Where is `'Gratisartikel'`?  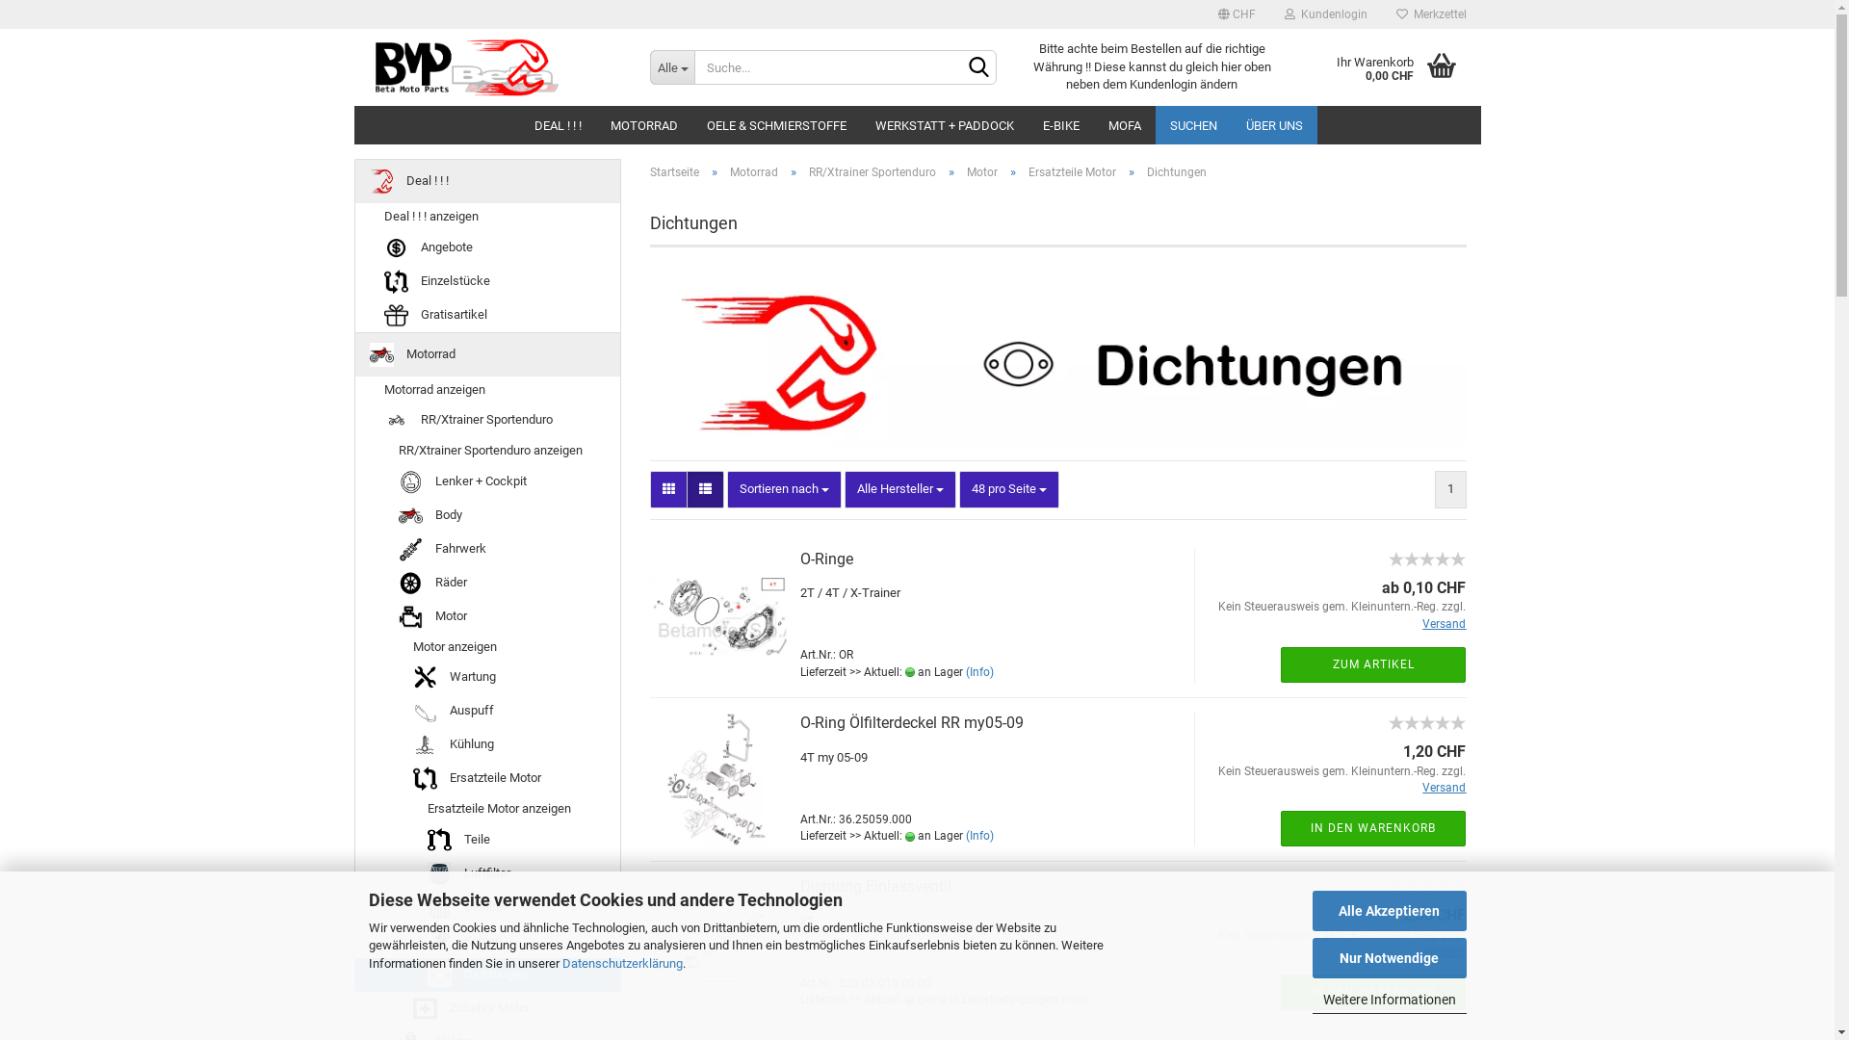 'Gratisartikel' is located at coordinates (354, 314).